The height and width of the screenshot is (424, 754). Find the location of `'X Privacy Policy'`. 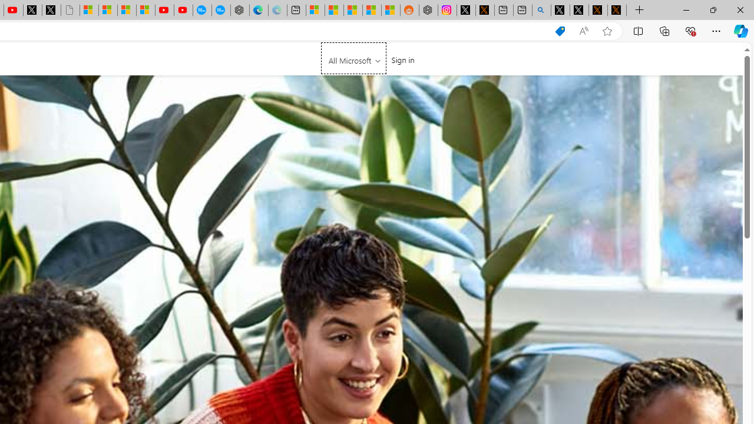

'X Privacy Policy' is located at coordinates (616, 10).